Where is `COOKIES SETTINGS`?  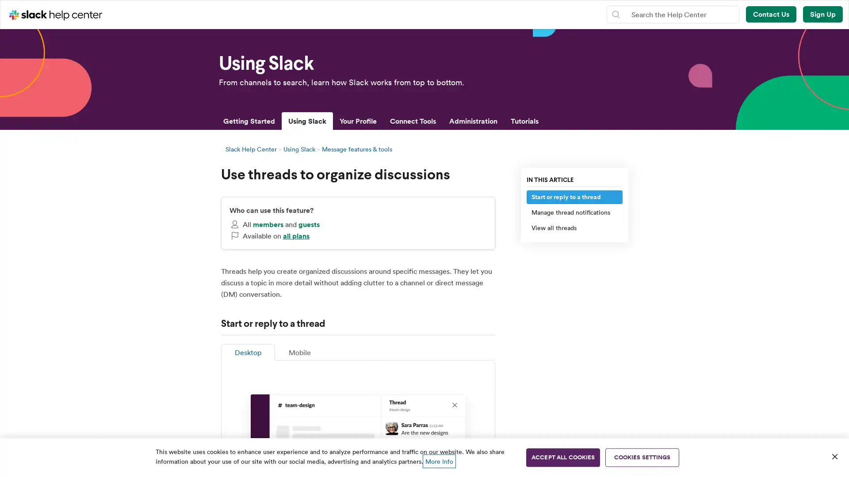
COOKIES SETTINGS is located at coordinates (642, 457).